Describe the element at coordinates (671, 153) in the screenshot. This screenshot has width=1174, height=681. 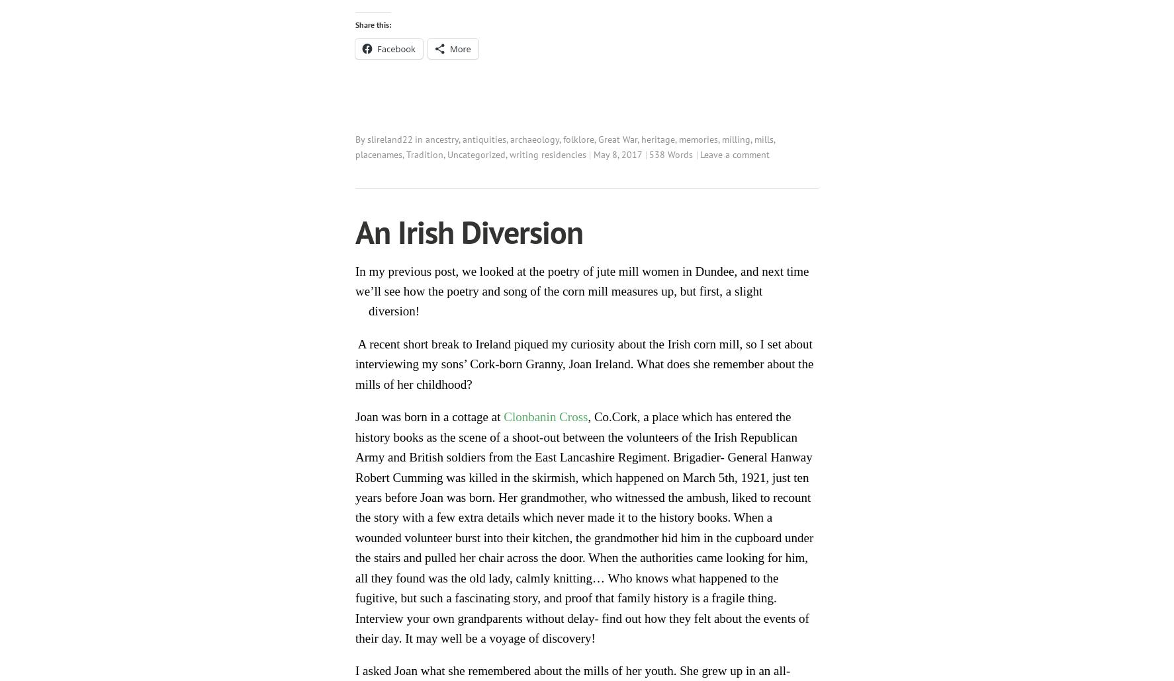
I see `'538 Words'` at that location.